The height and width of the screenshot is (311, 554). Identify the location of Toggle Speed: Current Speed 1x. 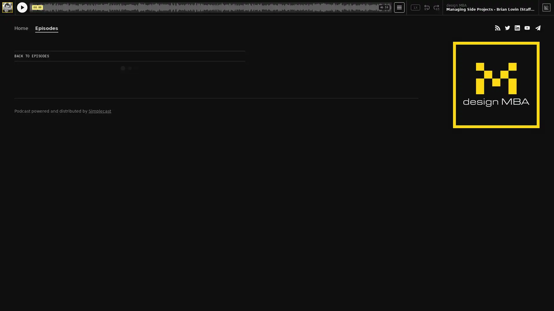
(415, 7).